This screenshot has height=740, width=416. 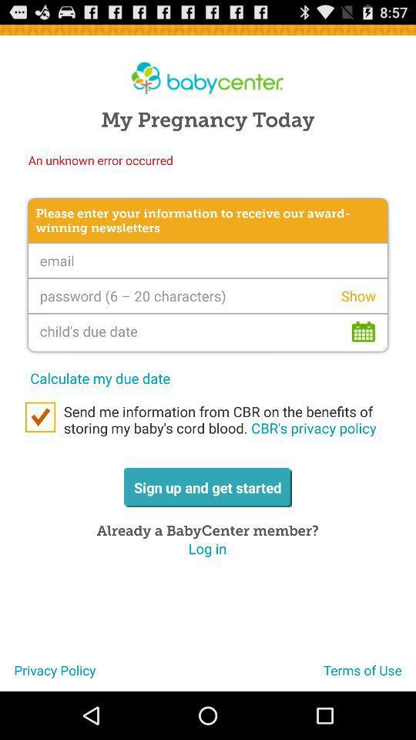 I want to click on the e-mail address, so click(x=208, y=261).